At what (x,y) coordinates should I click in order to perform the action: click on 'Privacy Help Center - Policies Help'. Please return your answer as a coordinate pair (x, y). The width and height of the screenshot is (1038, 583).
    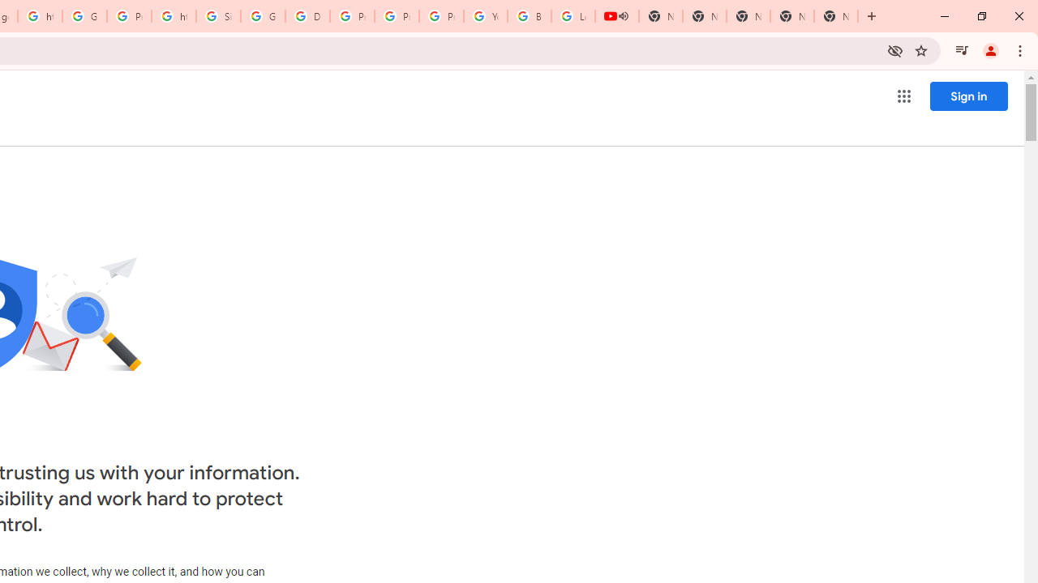
    Looking at the image, I should click on (397, 16).